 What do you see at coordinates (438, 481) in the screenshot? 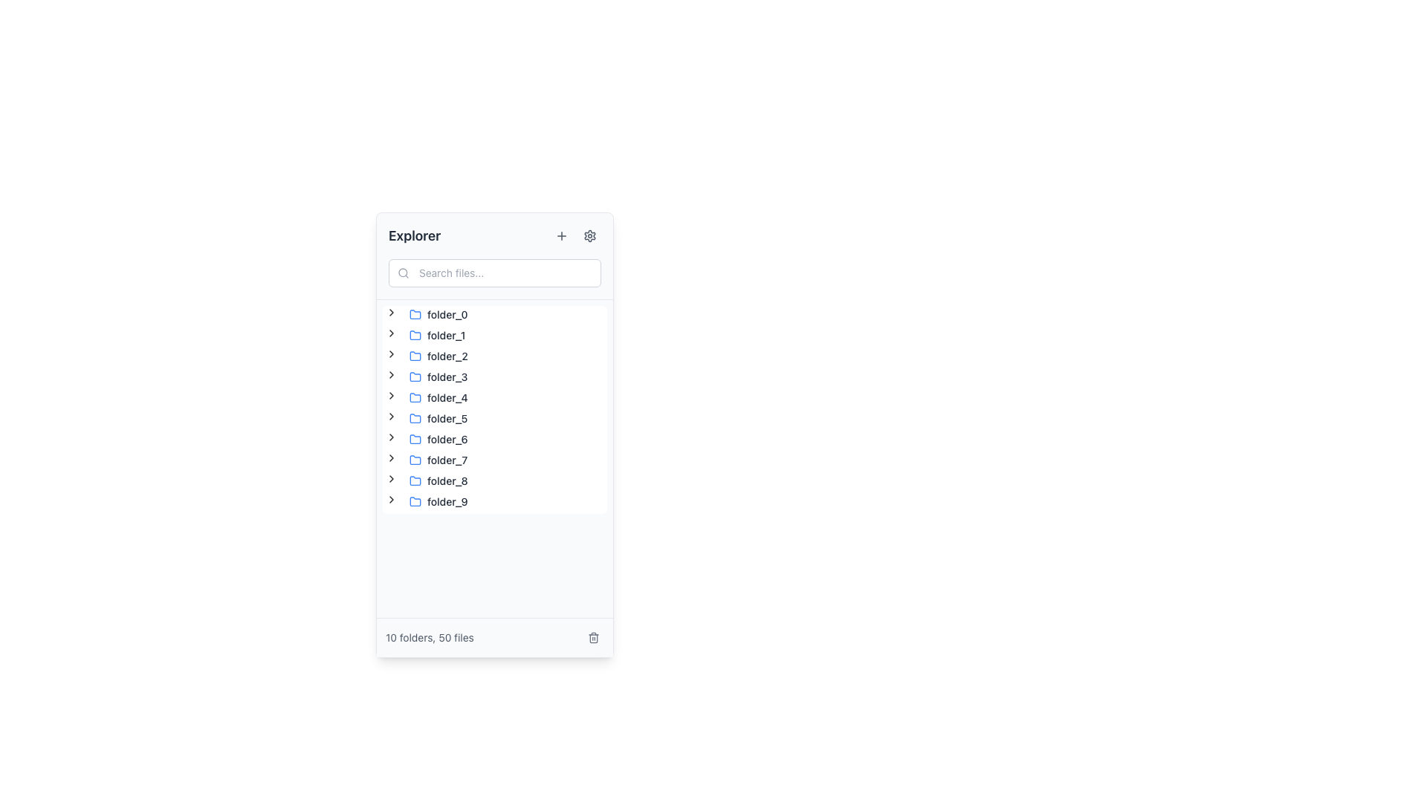
I see `the folder item labeled 'folder_8' in the file explorer for repositioning or organization` at bounding box center [438, 481].